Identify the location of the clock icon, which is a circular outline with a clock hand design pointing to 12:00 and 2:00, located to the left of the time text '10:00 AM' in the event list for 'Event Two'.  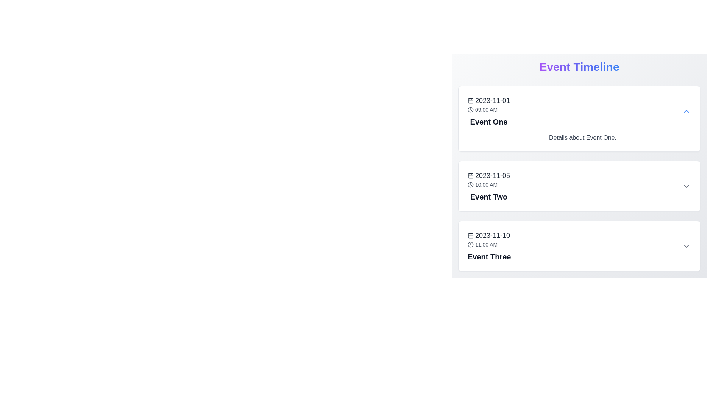
(470, 185).